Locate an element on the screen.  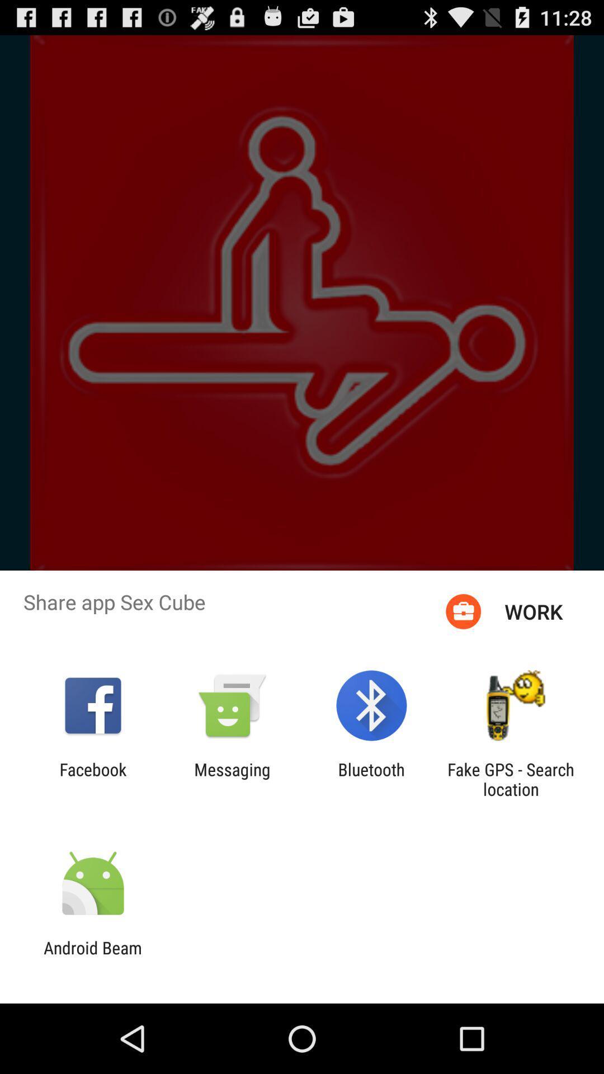
the bluetooth app is located at coordinates (371, 779).